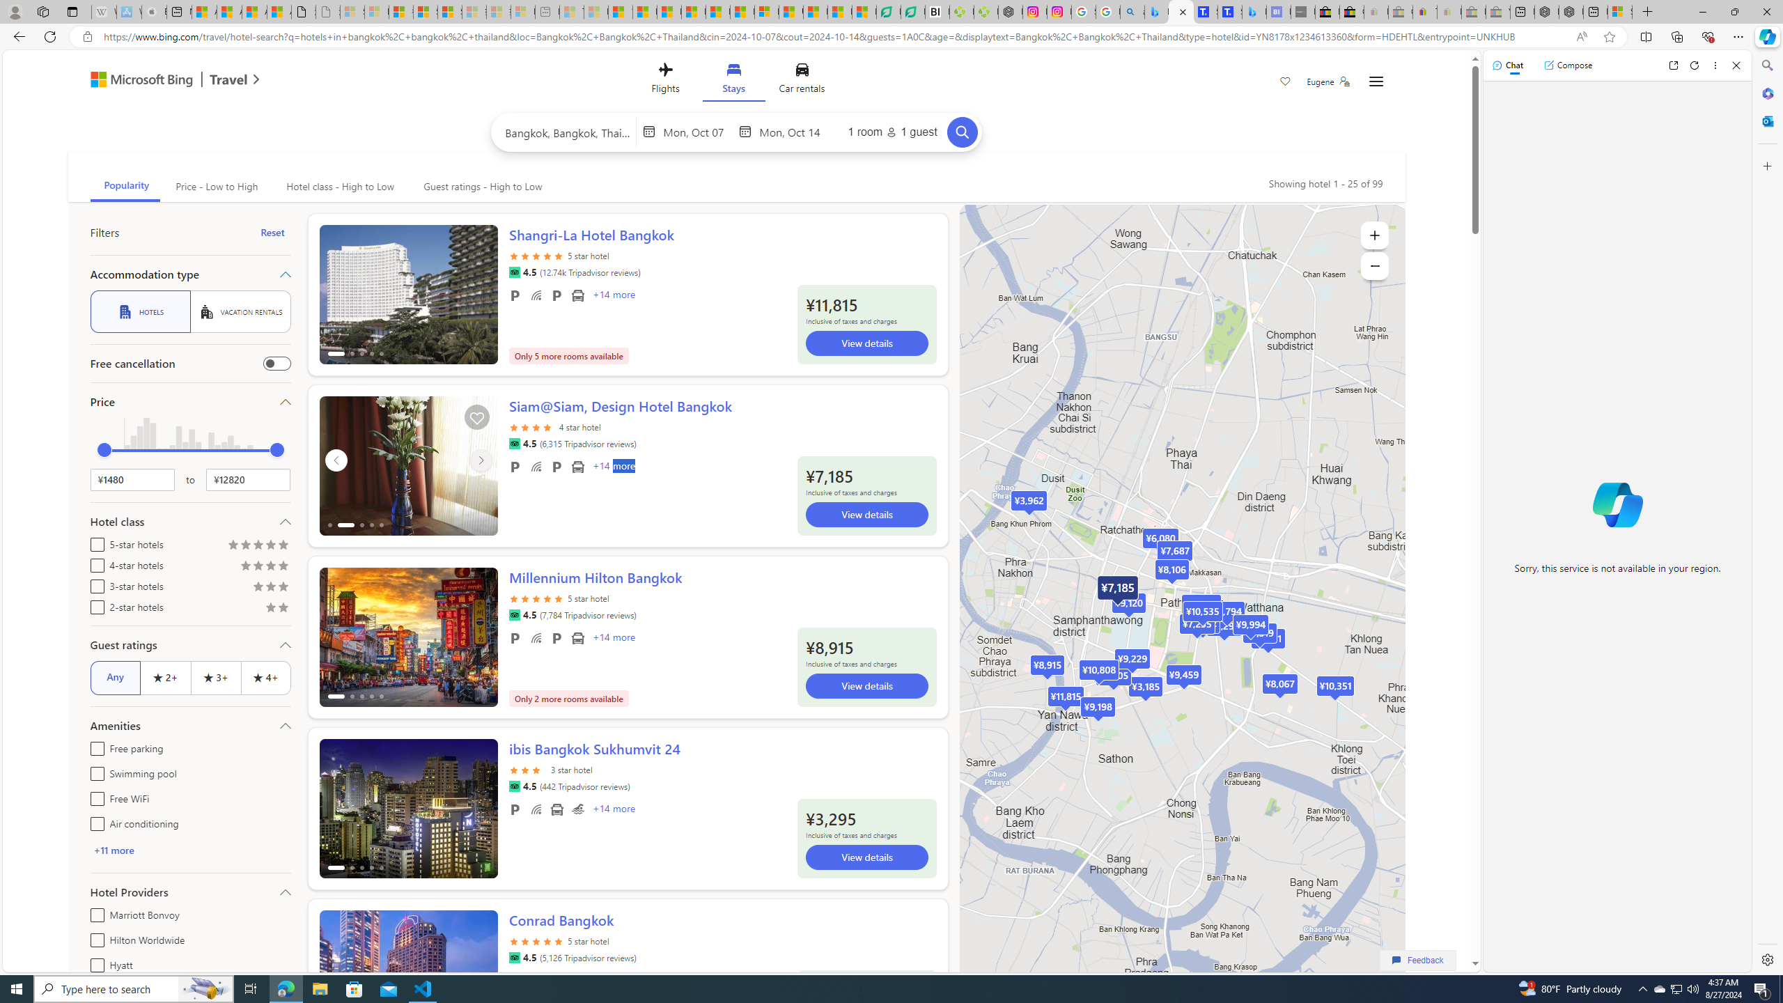 The height and width of the screenshot is (1003, 1783). What do you see at coordinates (272, 232) in the screenshot?
I see `'Reset'` at bounding box center [272, 232].